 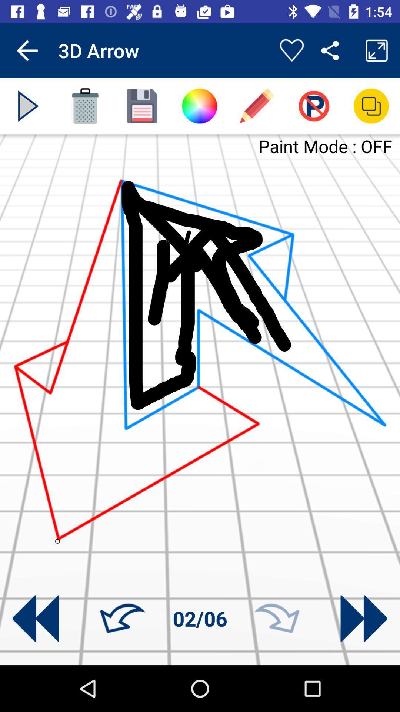 What do you see at coordinates (28, 106) in the screenshot?
I see `animation` at bounding box center [28, 106].